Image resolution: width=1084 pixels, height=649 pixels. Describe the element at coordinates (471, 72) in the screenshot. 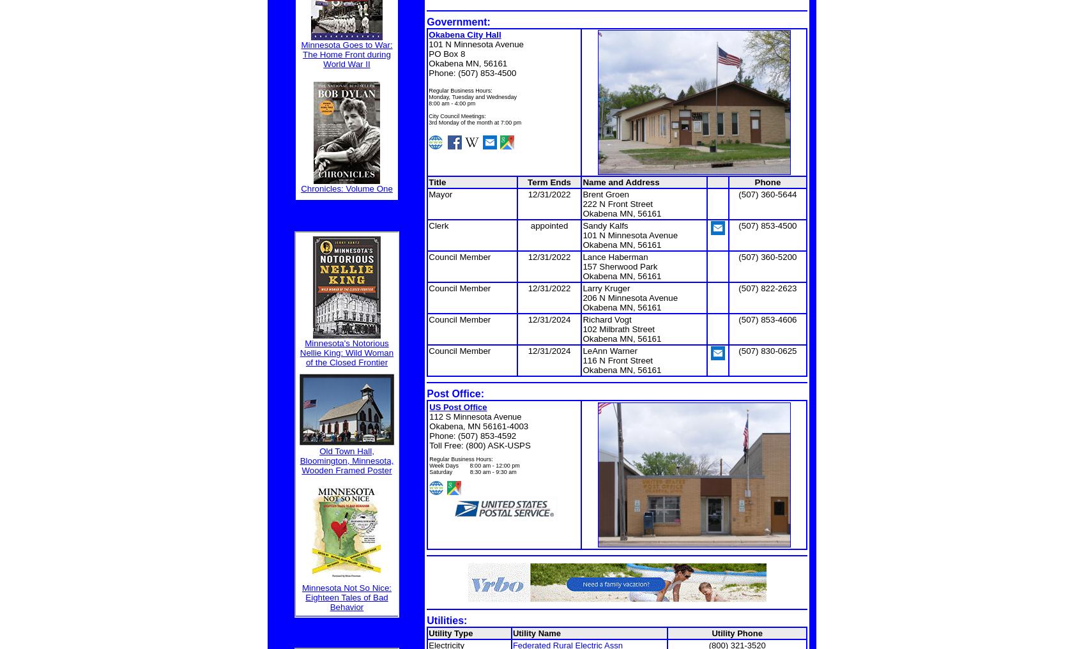

I see `'Phone: (507) 853-4500'` at that location.